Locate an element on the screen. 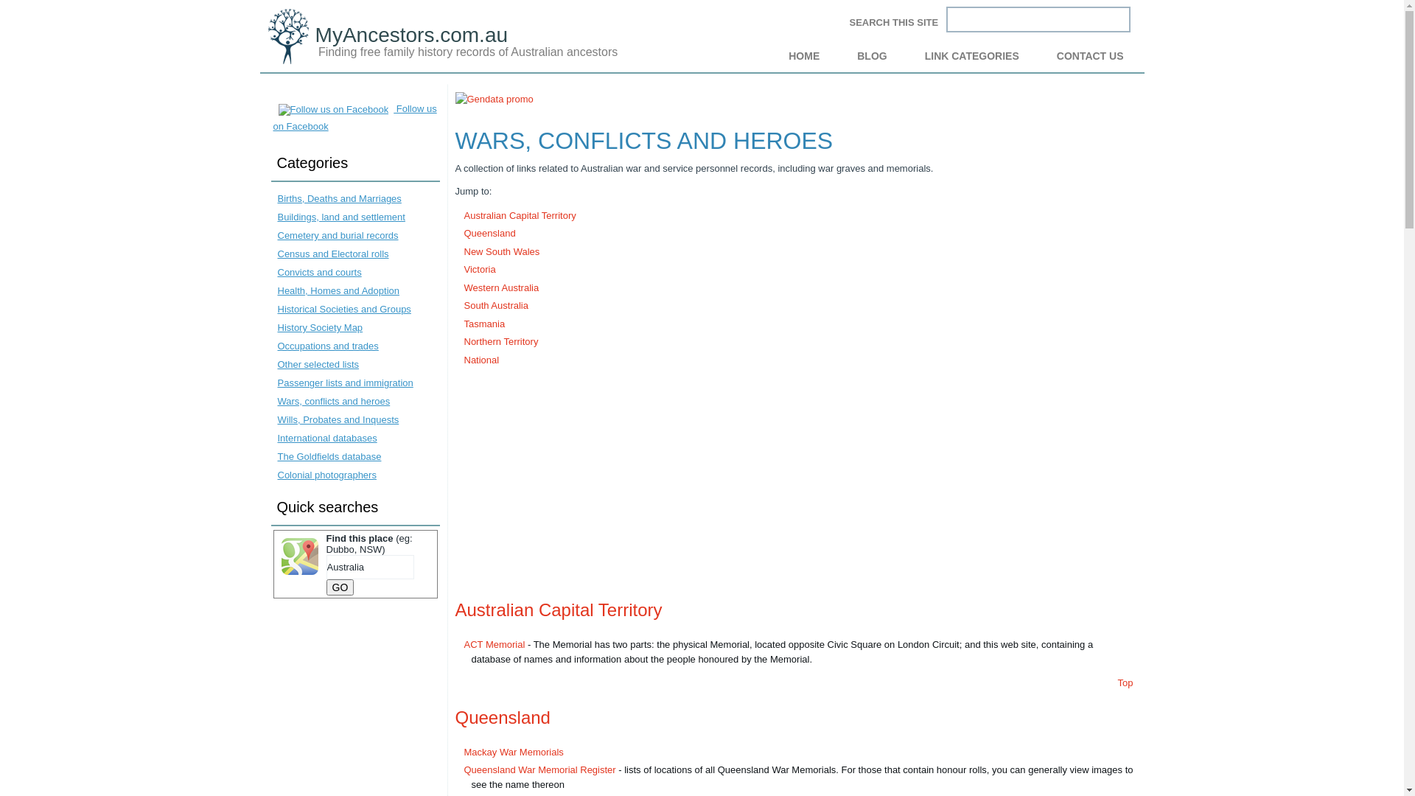 This screenshot has height=796, width=1415. 'Colonial photographers' is located at coordinates (325, 475).